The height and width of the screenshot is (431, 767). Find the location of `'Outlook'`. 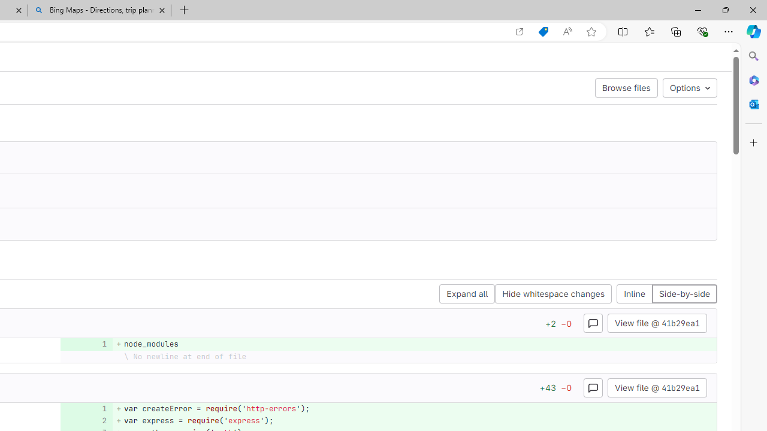

'Outlook' is located at coordinates (753, 104).